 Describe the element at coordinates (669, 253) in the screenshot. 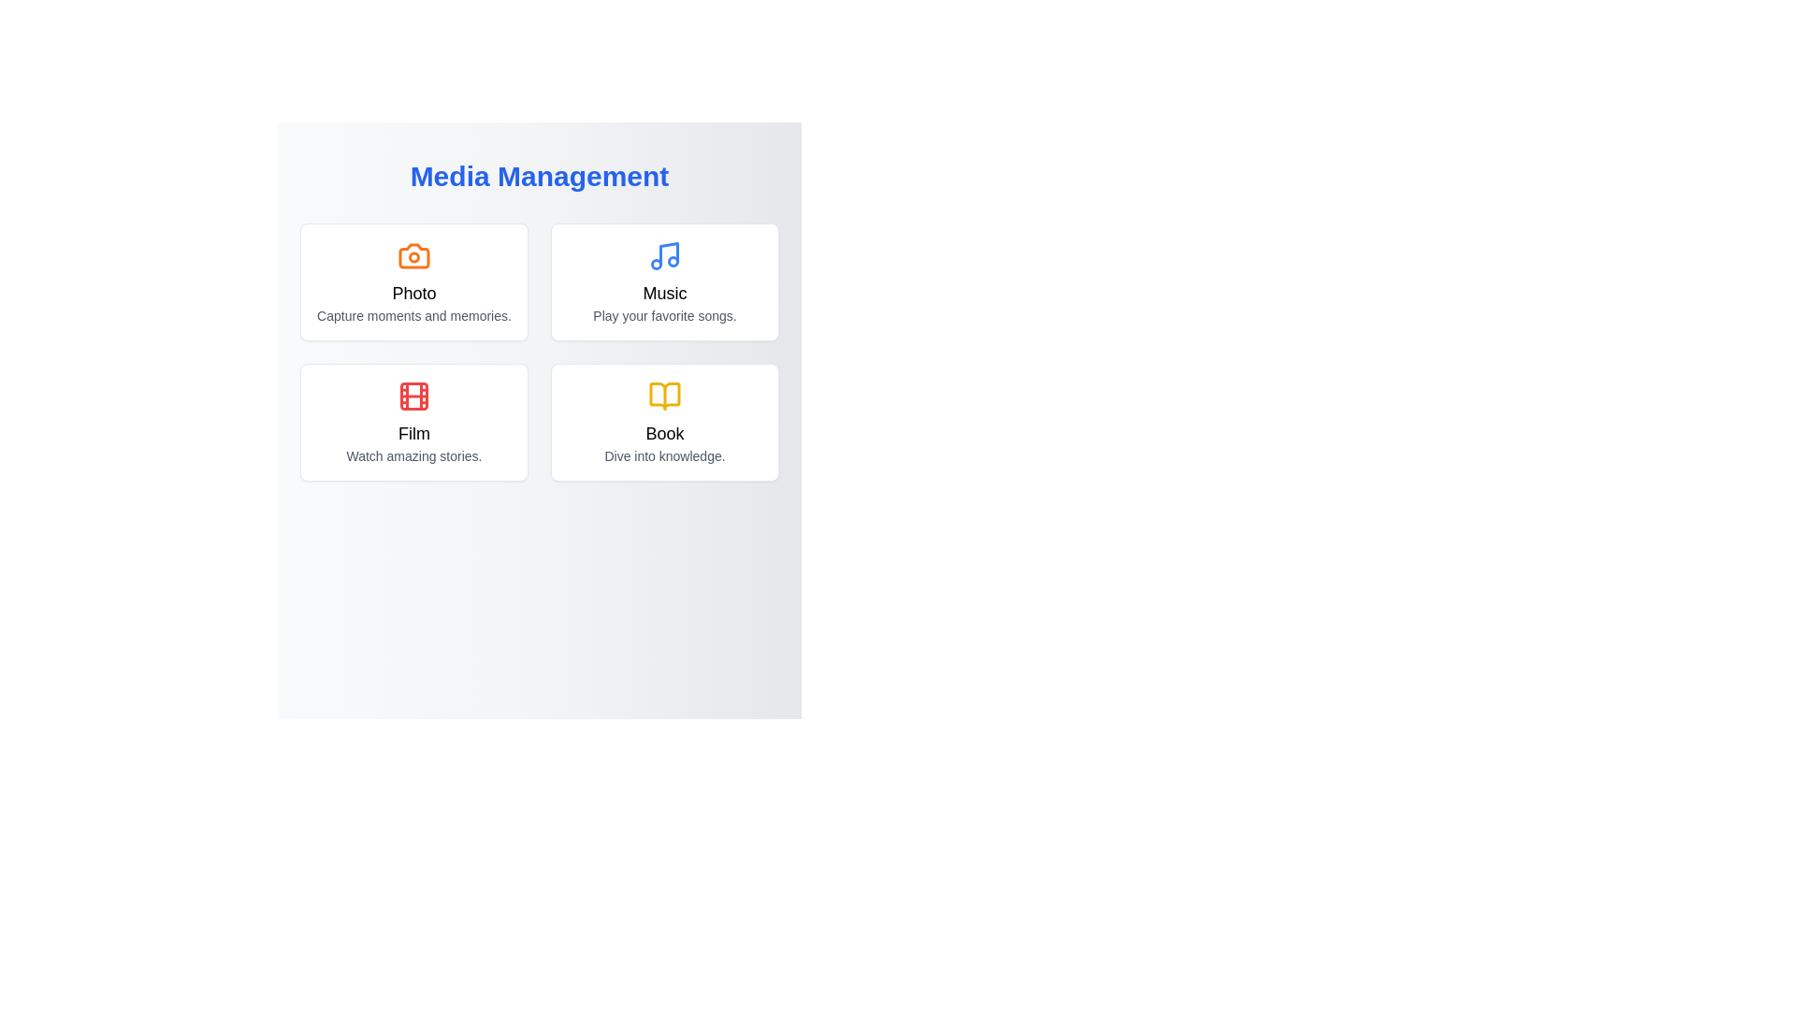

I see `the graphic icon resembling a musical note stem, which is part of the 'Music' button located in the top row of four buttons in a two-by-two grid layout` at that location.